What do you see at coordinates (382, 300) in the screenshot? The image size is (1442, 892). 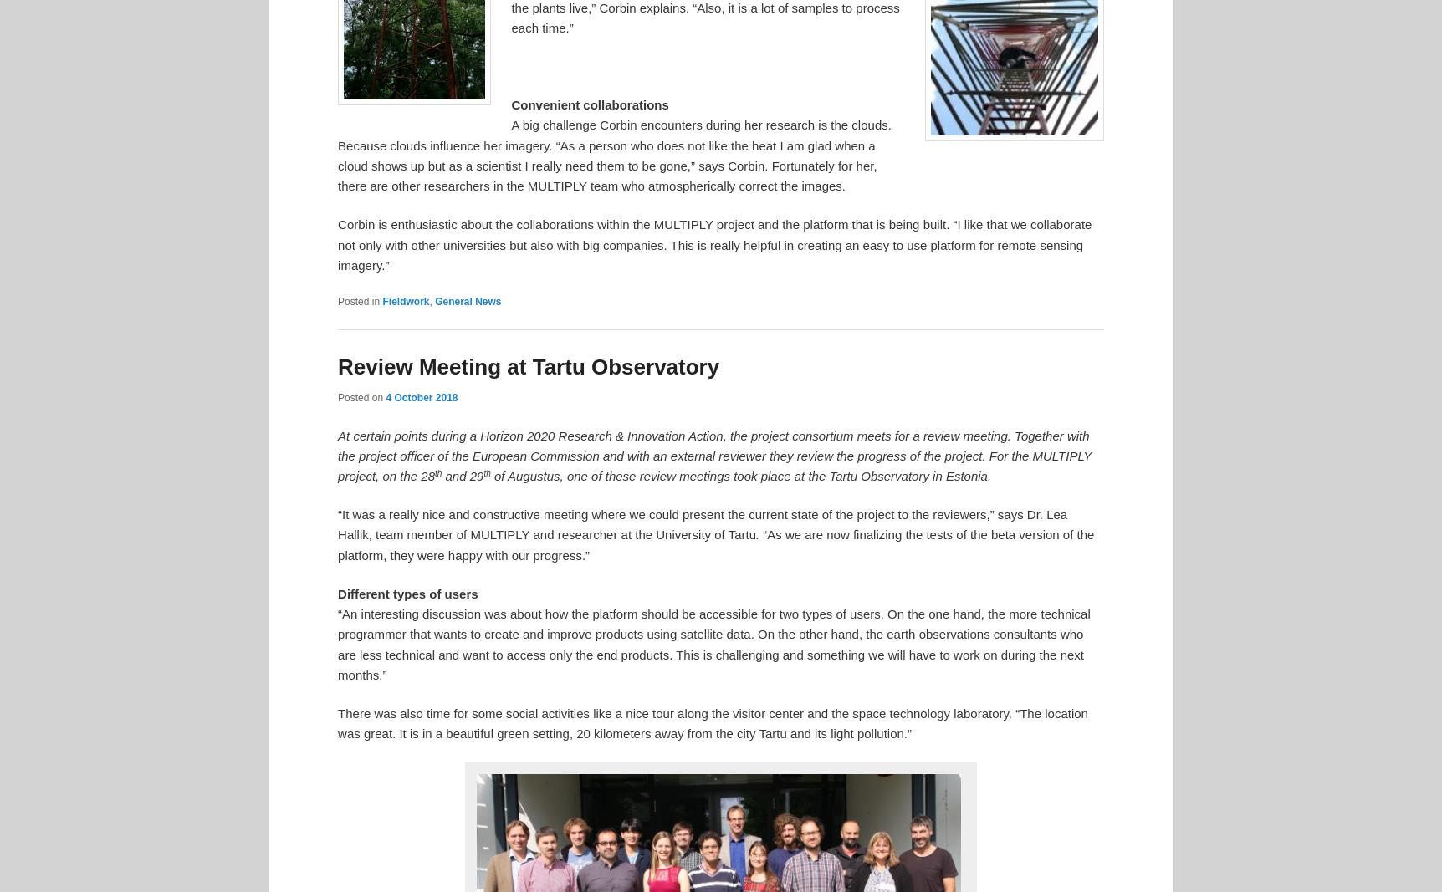 I see `'Fieldwork'` at bounding box center [382, 300].